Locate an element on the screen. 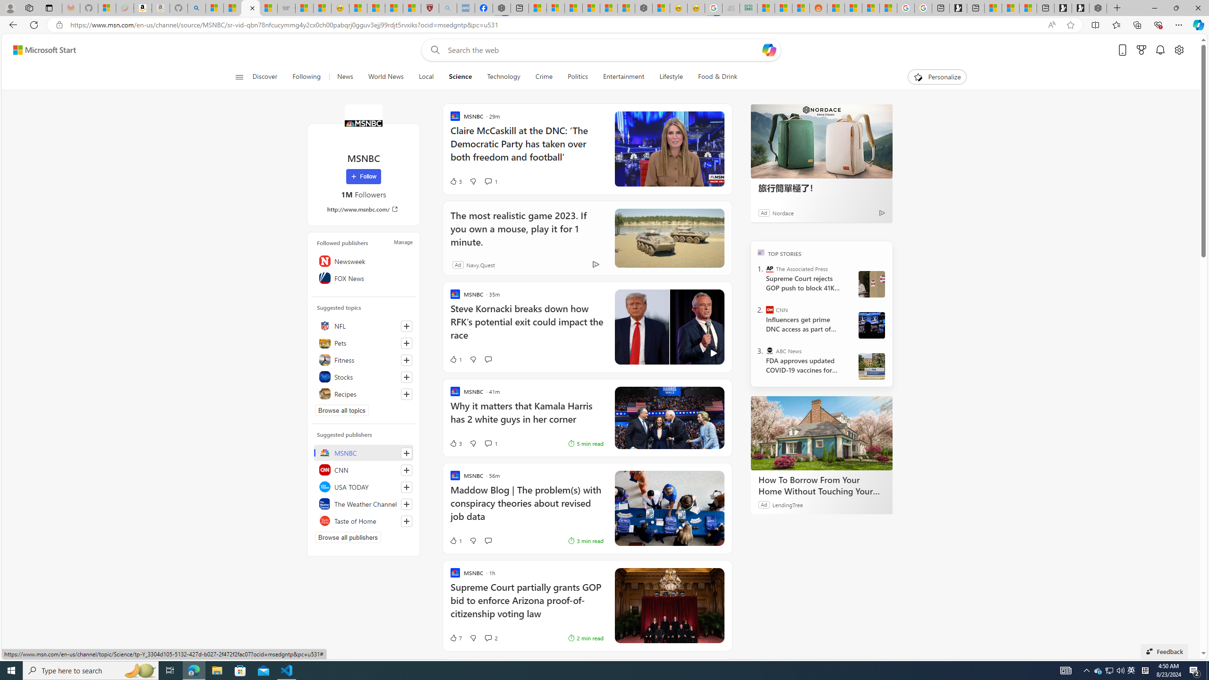 The height and width of the screenshot is (680, 1209). 'Newsweek' is located at coordinates (364, 260).